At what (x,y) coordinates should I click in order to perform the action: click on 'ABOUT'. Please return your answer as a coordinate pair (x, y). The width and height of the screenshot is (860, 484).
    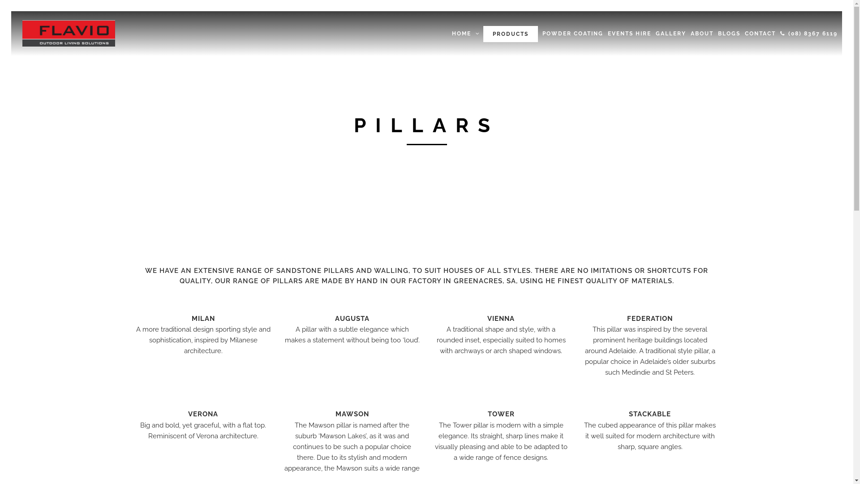
    Looking at the image, I should click on (688, 33).